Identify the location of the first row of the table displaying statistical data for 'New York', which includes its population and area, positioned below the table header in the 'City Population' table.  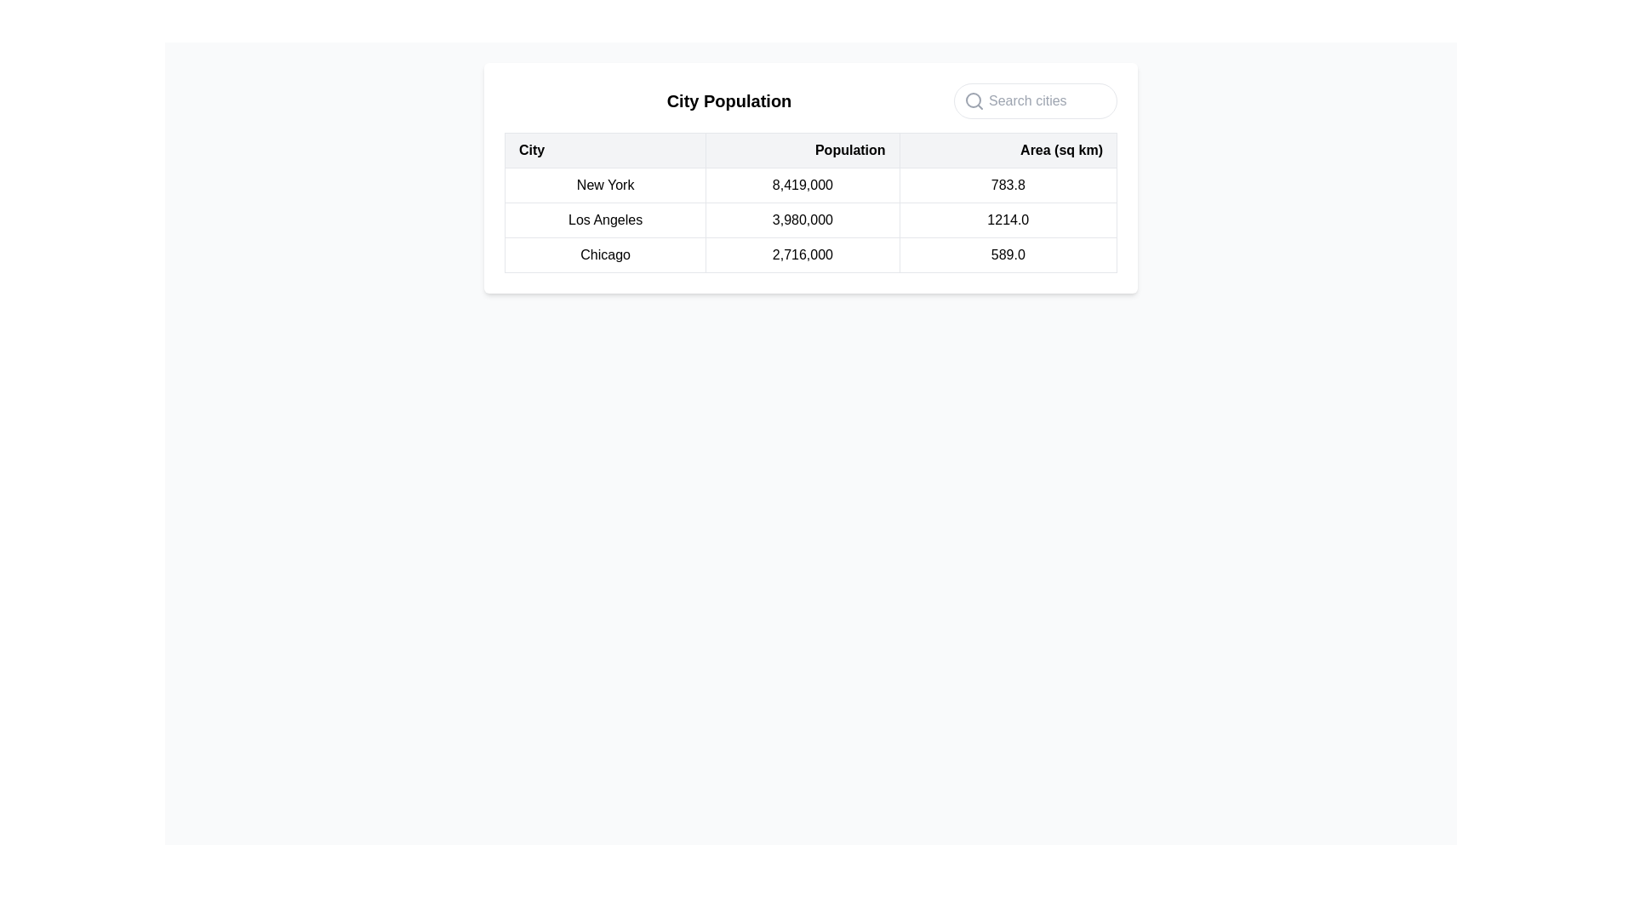
(810, 186).